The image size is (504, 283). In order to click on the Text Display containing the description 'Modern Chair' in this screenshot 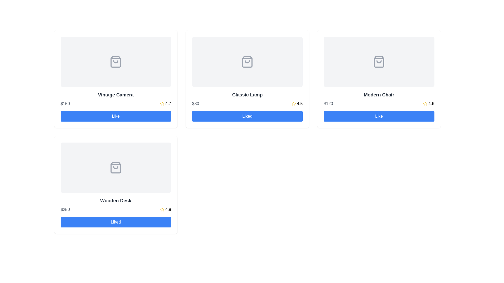, I will do `click(379, 99)`.